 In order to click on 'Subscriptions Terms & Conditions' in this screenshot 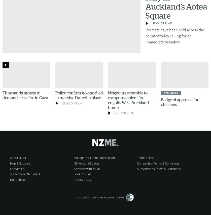, I will do `click(137, 169)`.